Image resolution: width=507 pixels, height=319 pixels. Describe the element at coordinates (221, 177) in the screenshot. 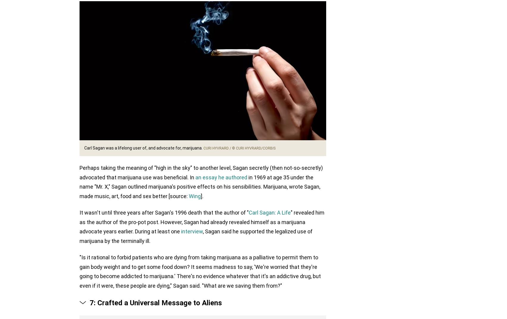

I see `'an essay he authored'` at that location.